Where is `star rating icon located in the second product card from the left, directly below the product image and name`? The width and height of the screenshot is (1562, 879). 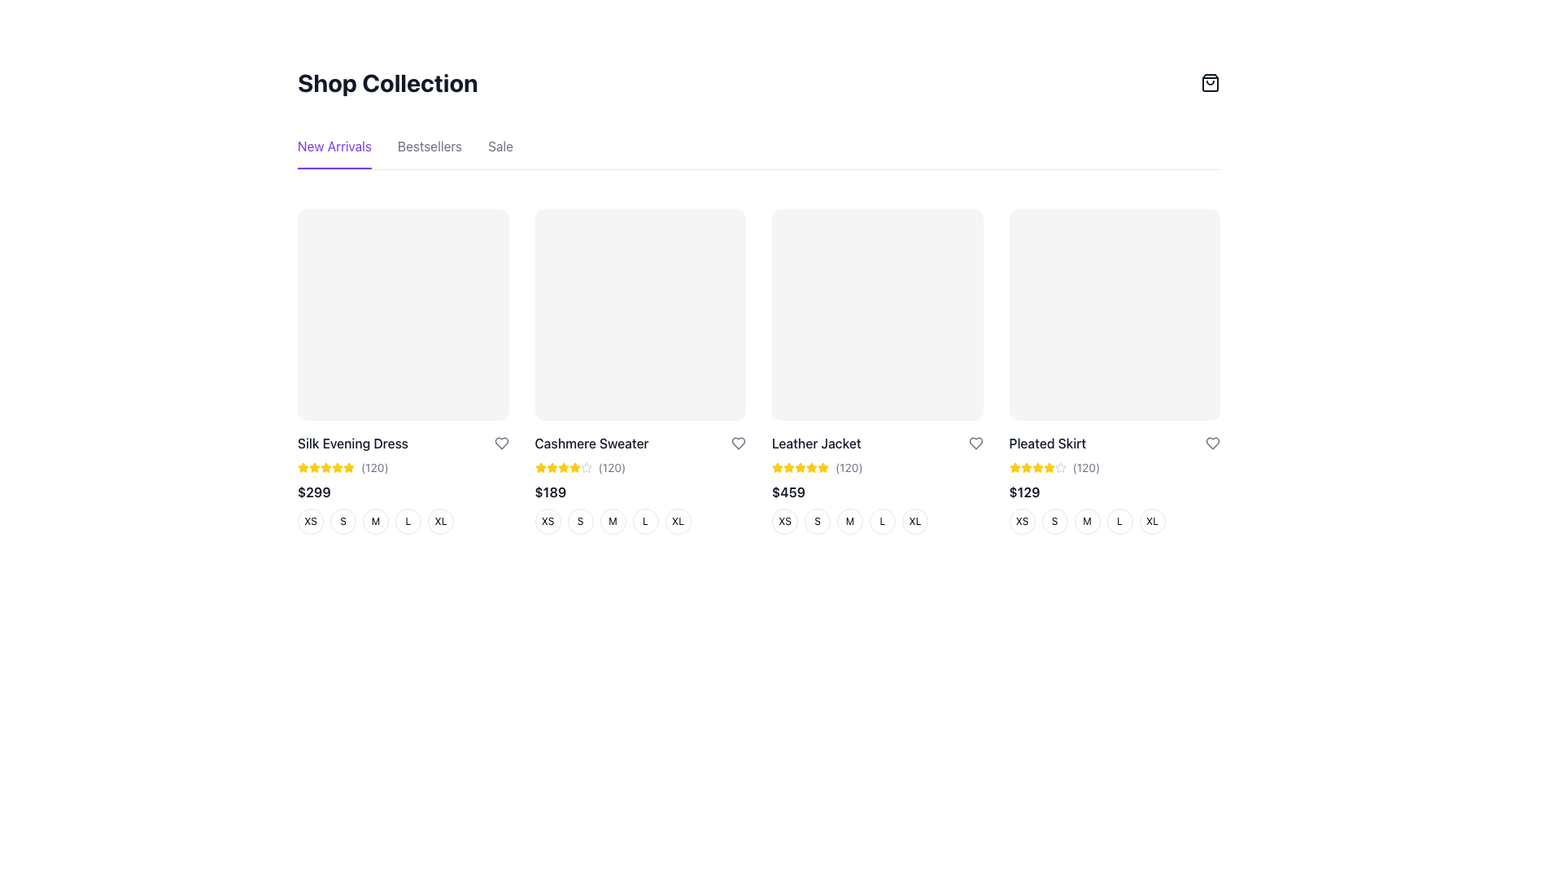
star rating icon located in the second product card from the left, directly below the product image and name is located at coordinates (540, 467).